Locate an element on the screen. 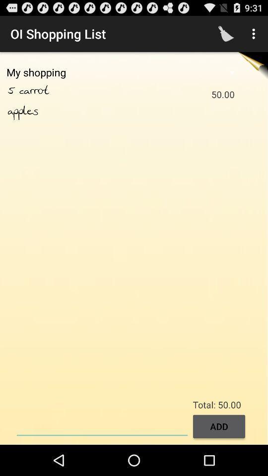  item next to the 50.00 is located at coordinates (45, 91).